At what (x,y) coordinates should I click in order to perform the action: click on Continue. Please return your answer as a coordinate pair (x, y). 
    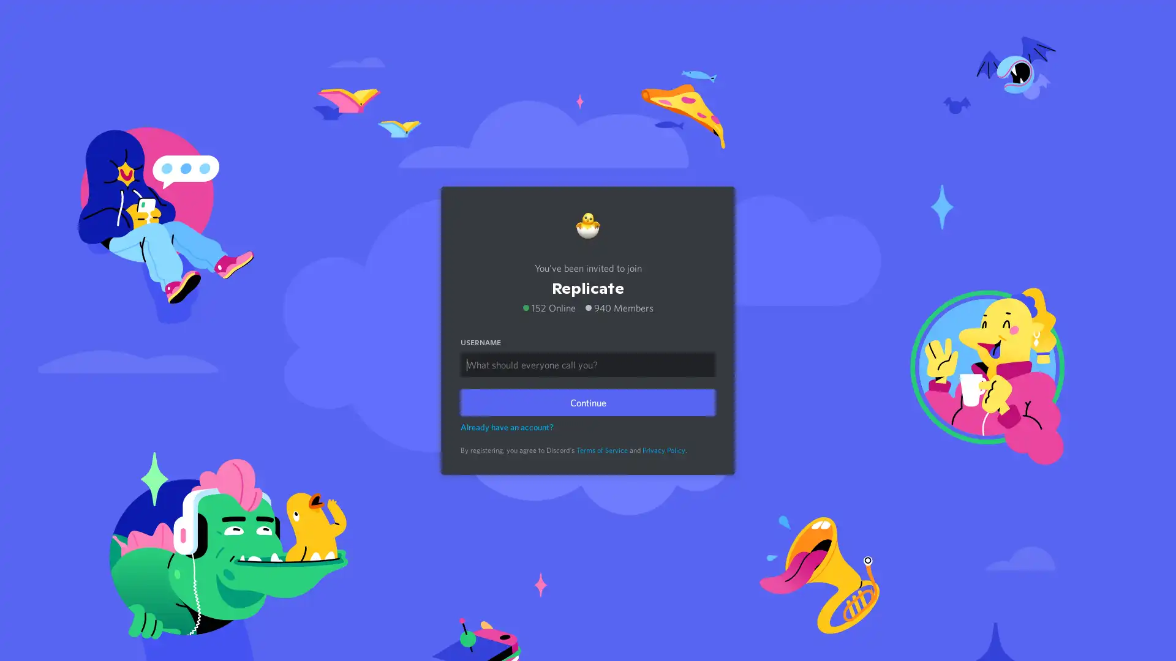
    Looking at the image, I should click on (588, 401).